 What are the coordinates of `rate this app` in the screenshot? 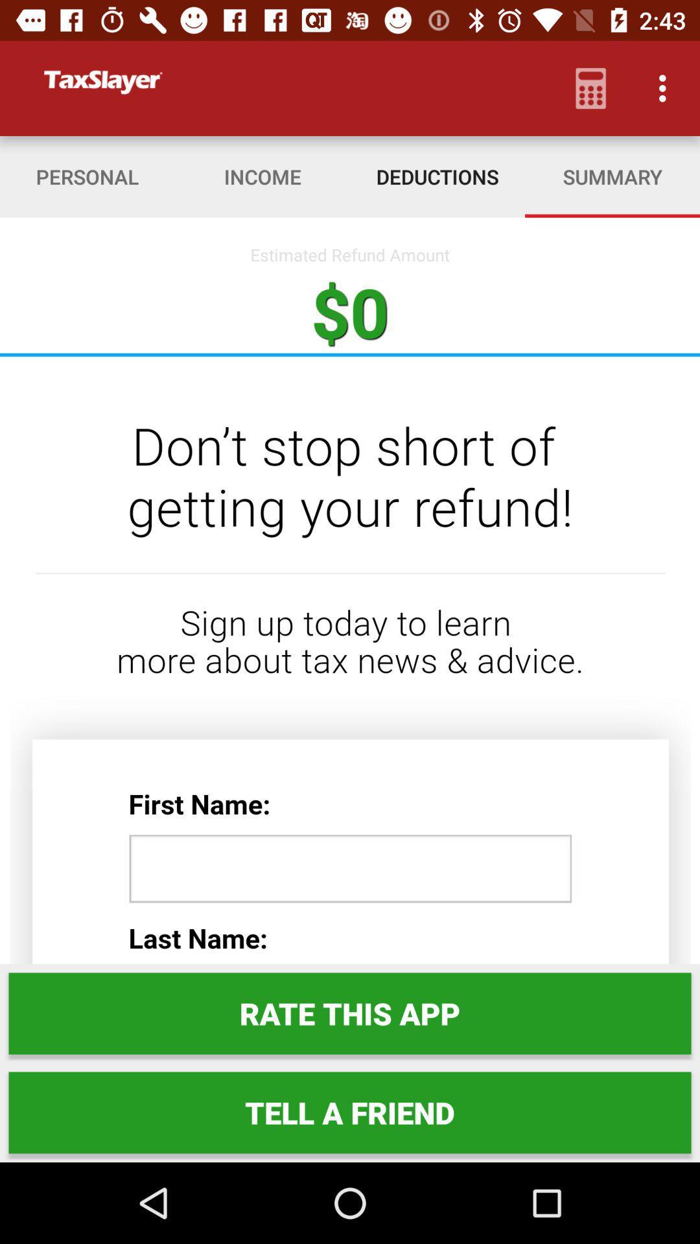 It's located at (350, 1013).